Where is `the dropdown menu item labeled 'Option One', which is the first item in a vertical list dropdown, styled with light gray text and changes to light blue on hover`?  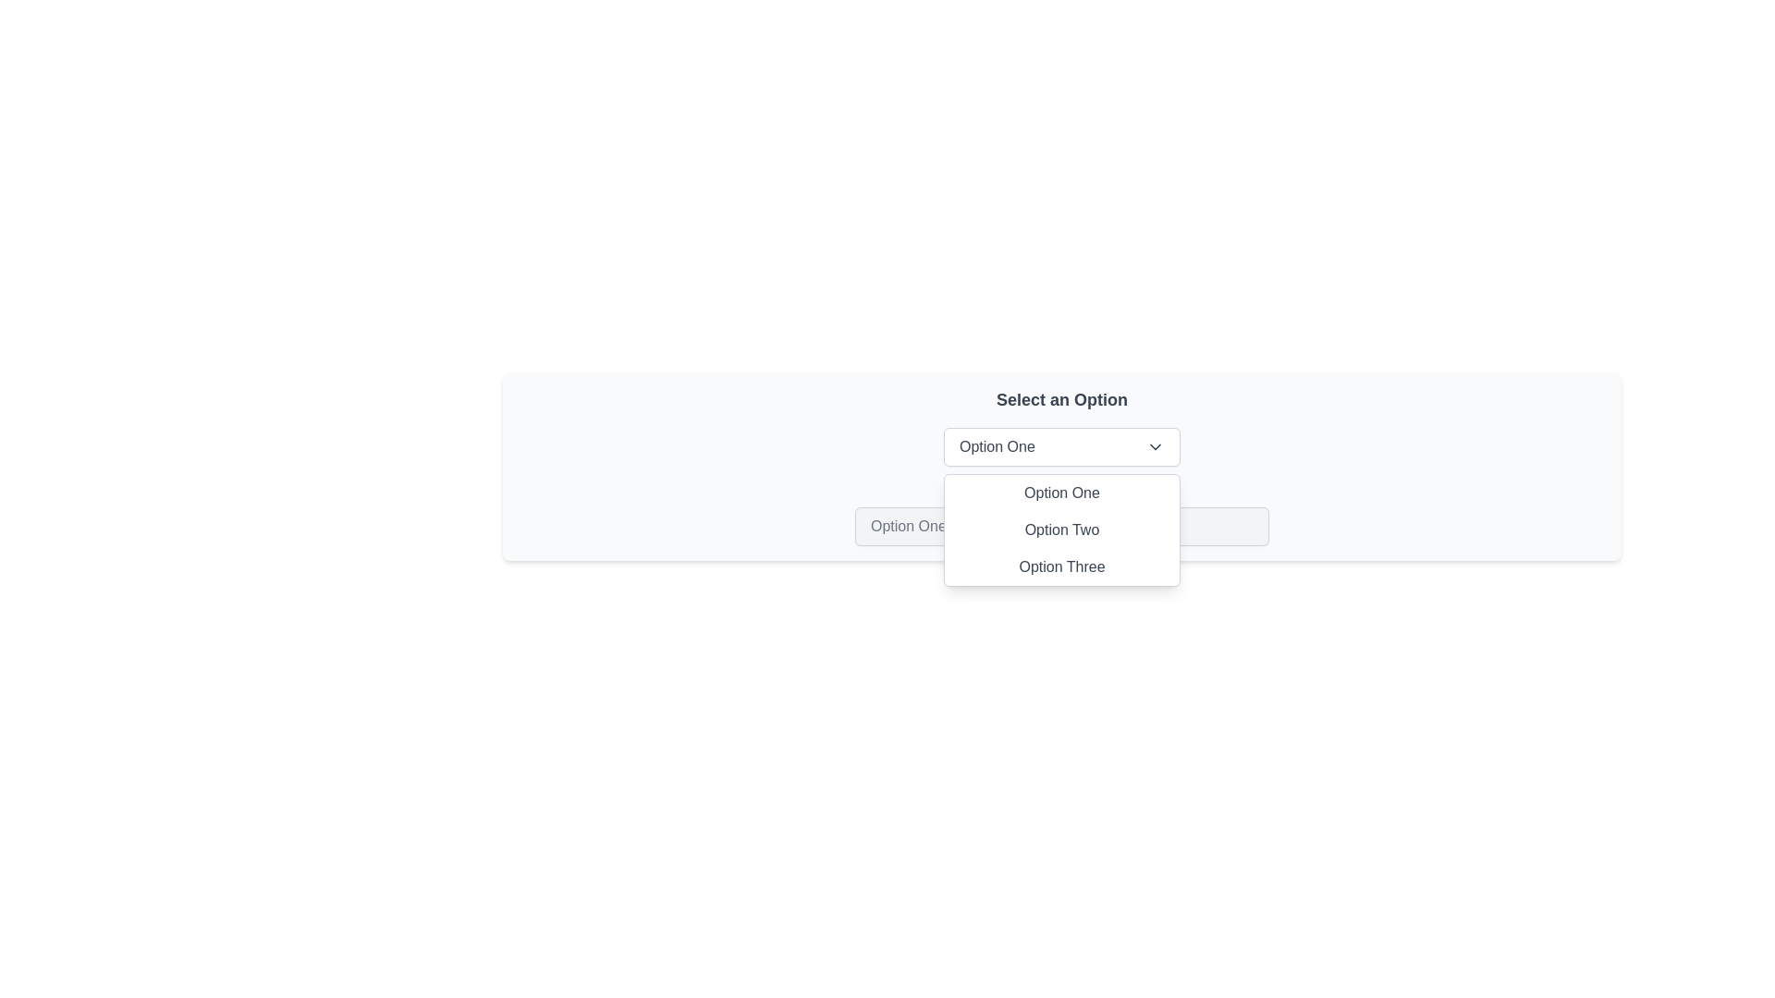 the dropdown menu item labeled 'Option One', which is the first item in a vertical list dropdown, styled with light gray text and changes to light blue on hover is located at coordinates (1061, 492).